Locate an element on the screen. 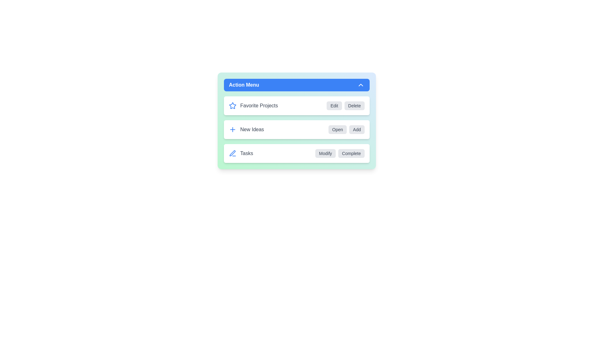 The image size is (603, 339). the action button labeled Complete for the item Tasks is located at coordinates (351, 153).